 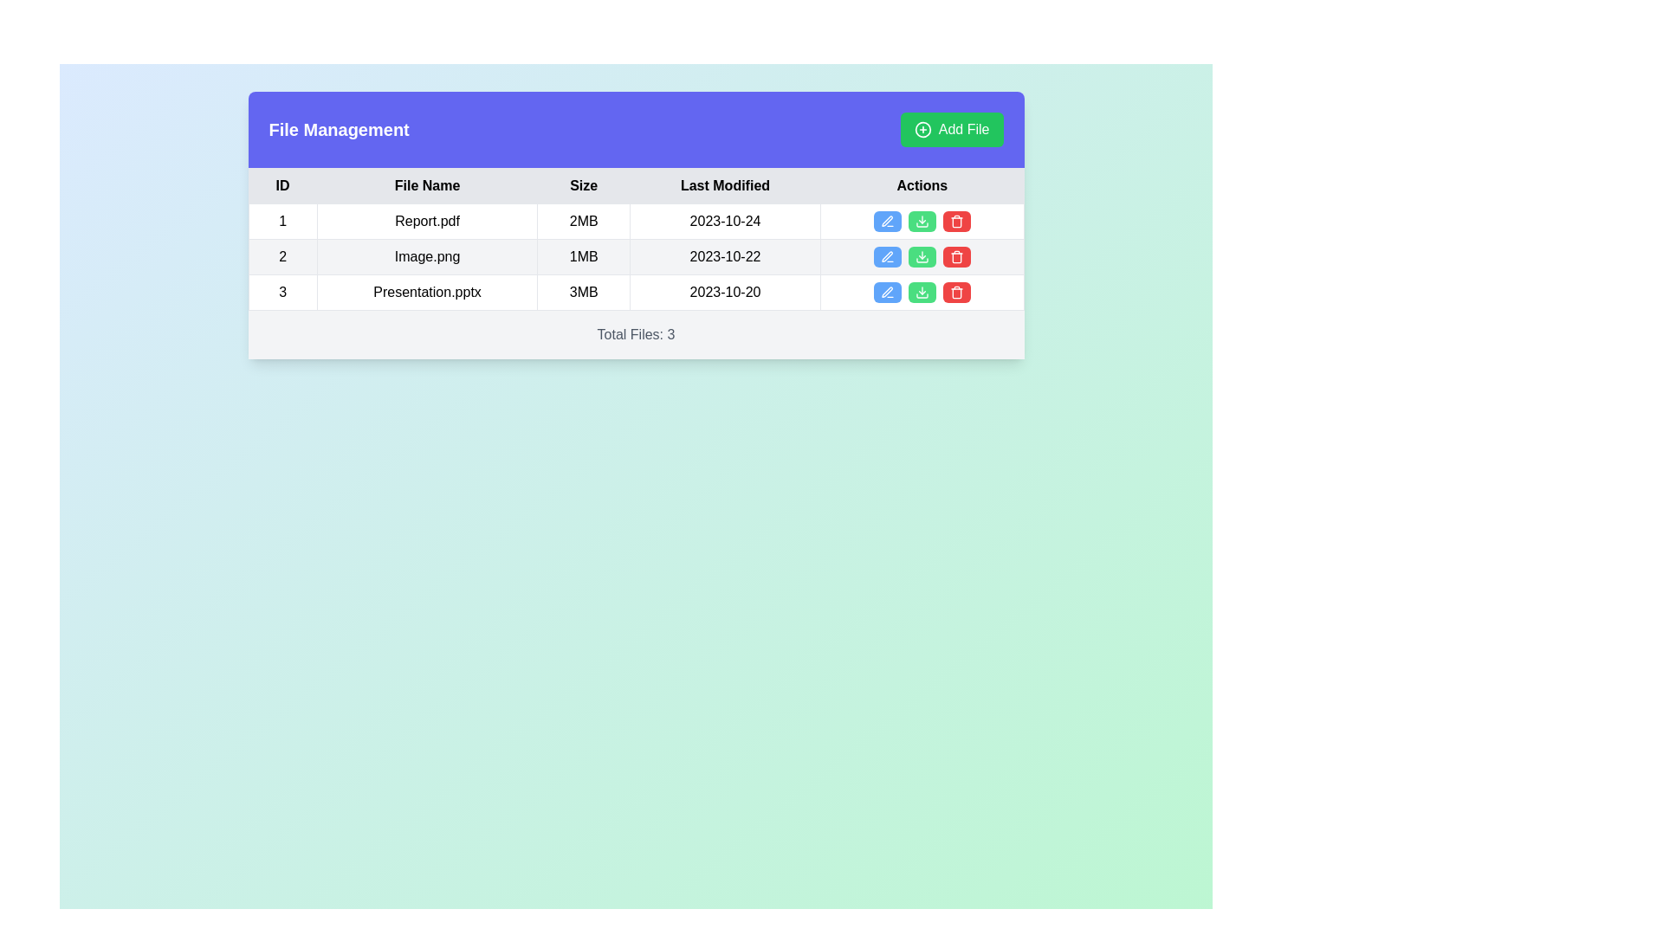 What do you see at coordinates (921, 220) in the screenshot?
I see `the green button with a white download icon located in the Actions column of the File Management interface for the file named 'Report.pdf'` at bounding box center [921, 220].